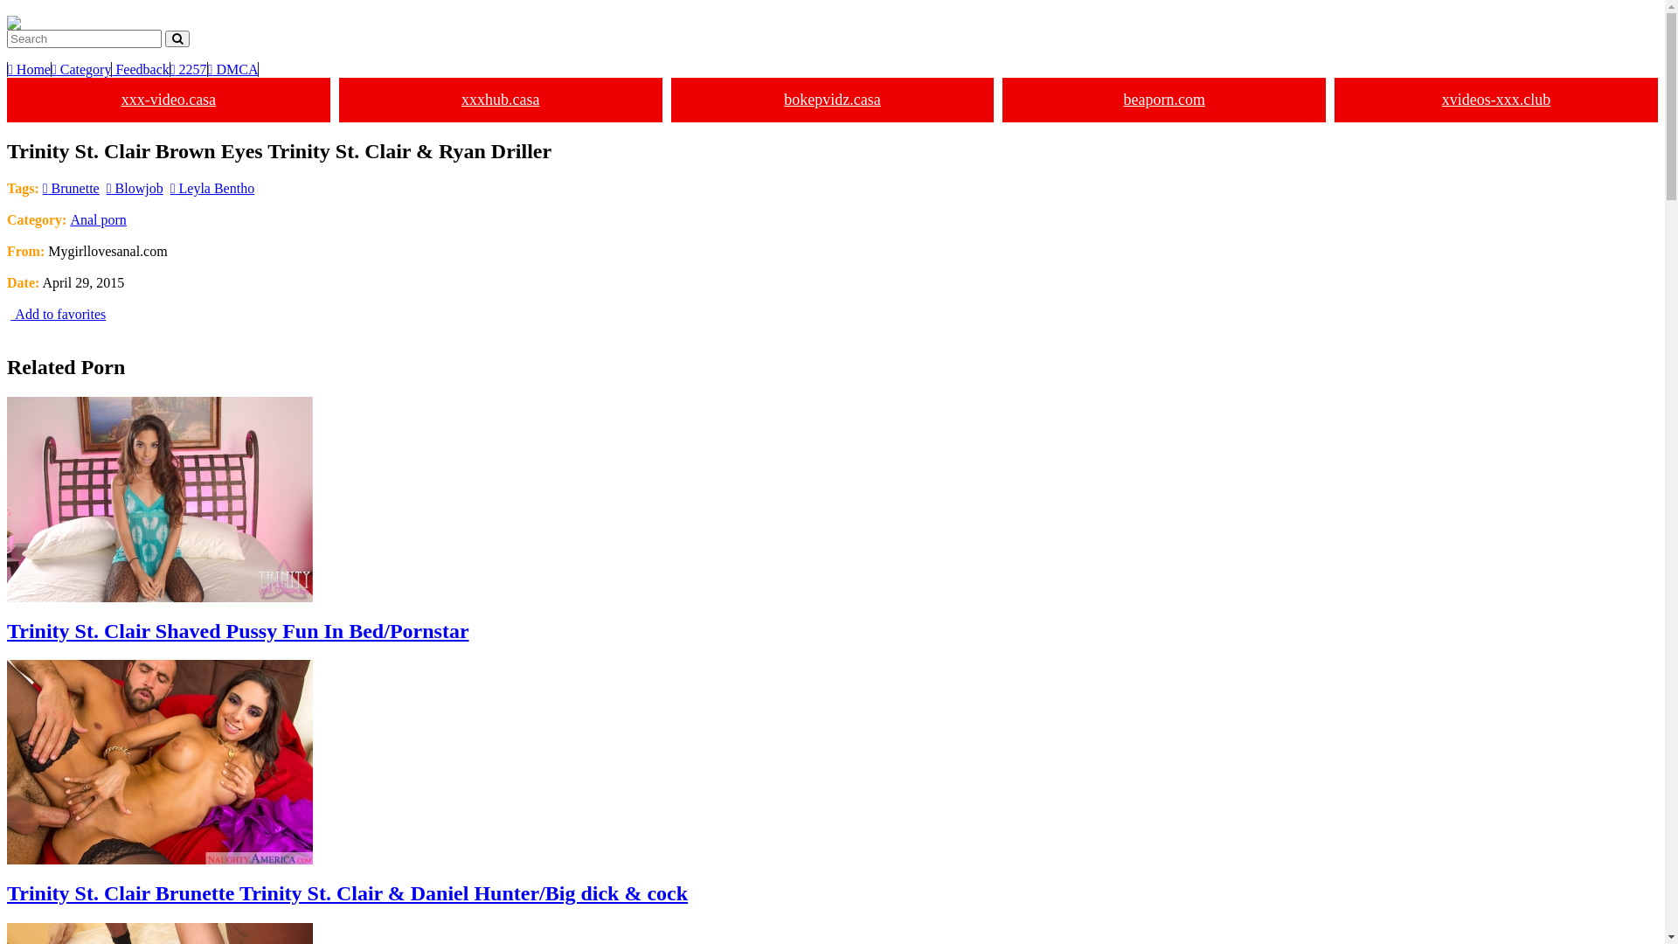 This screenshot has width=1678, height=944. Describe the element at coordinates (189, 68) in the screenshot. I see `'2257'` at that location.